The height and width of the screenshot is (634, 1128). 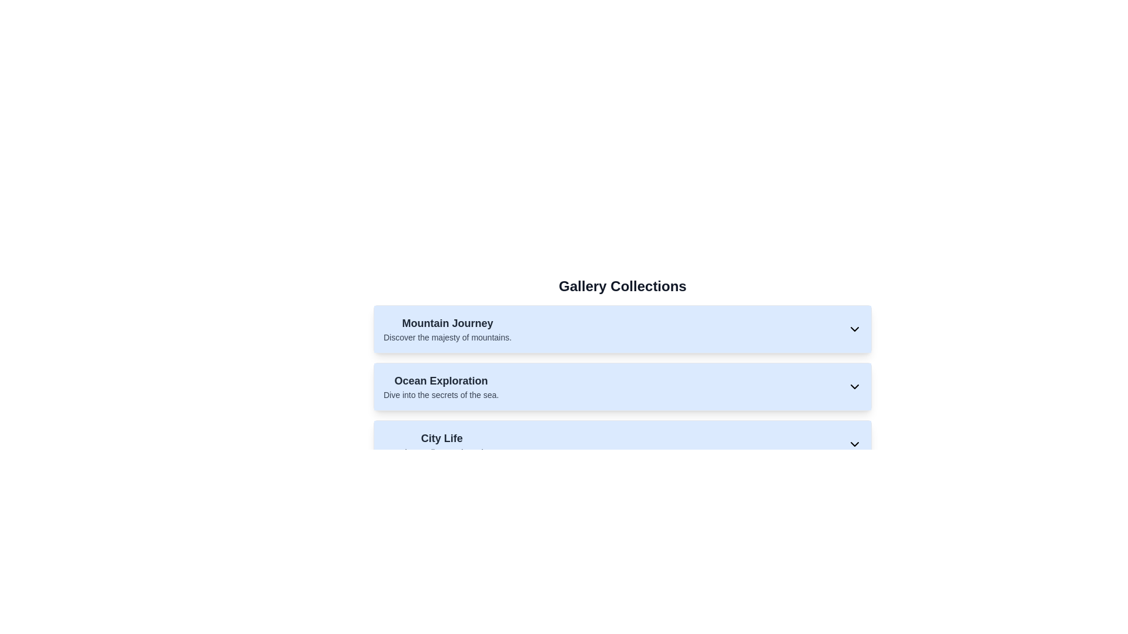 I want to click on the downward-facing chevron icon with a black fill located on the right side of the 'Ocean Exploration' item, so click(x=854, y=387).